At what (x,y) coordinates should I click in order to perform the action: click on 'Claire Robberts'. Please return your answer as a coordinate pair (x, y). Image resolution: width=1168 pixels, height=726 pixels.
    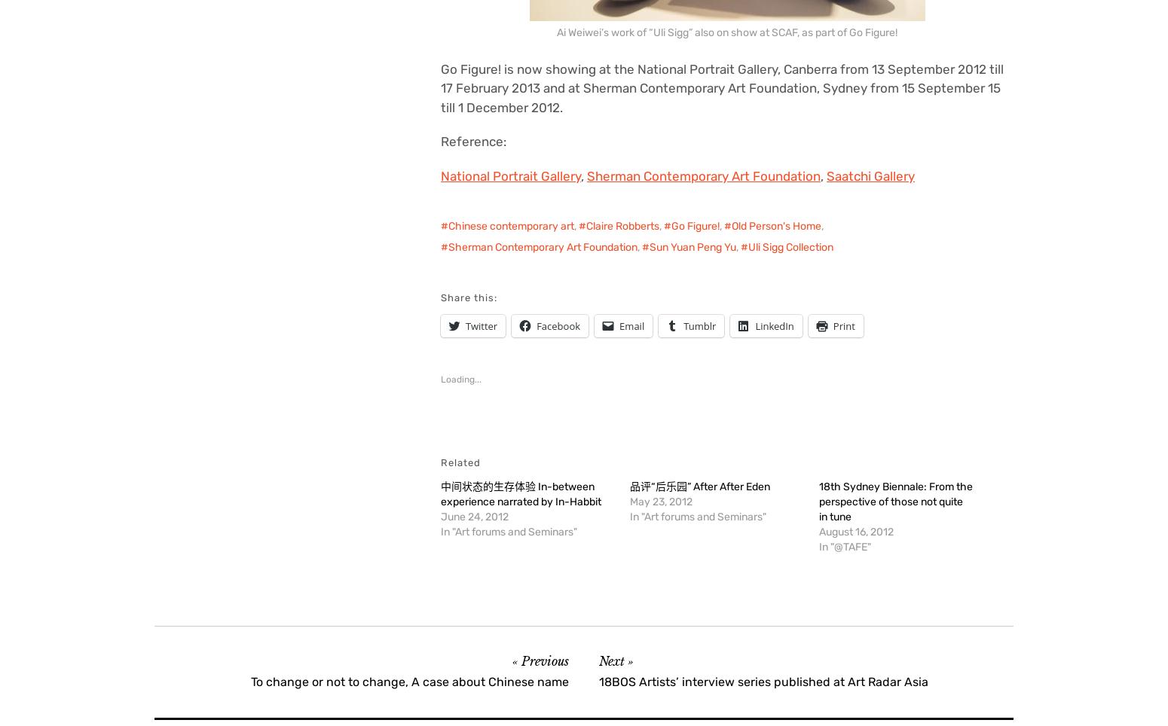
    Looking at the image, I should click on (622, 226).